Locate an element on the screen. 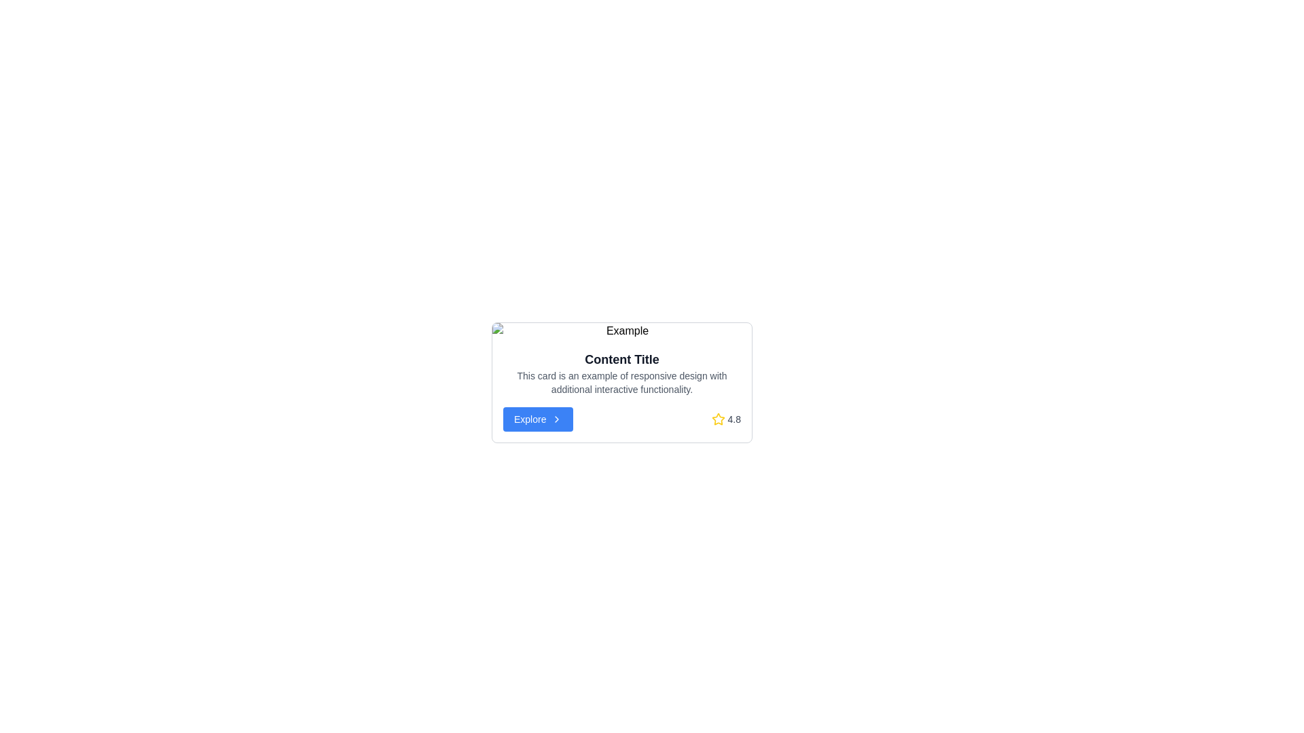  the Rating indicator with a numeric score that displays '4.8' next to a yellow outlined star icon, located above the blue 'Explore' button is located at coordinates (725, 418).